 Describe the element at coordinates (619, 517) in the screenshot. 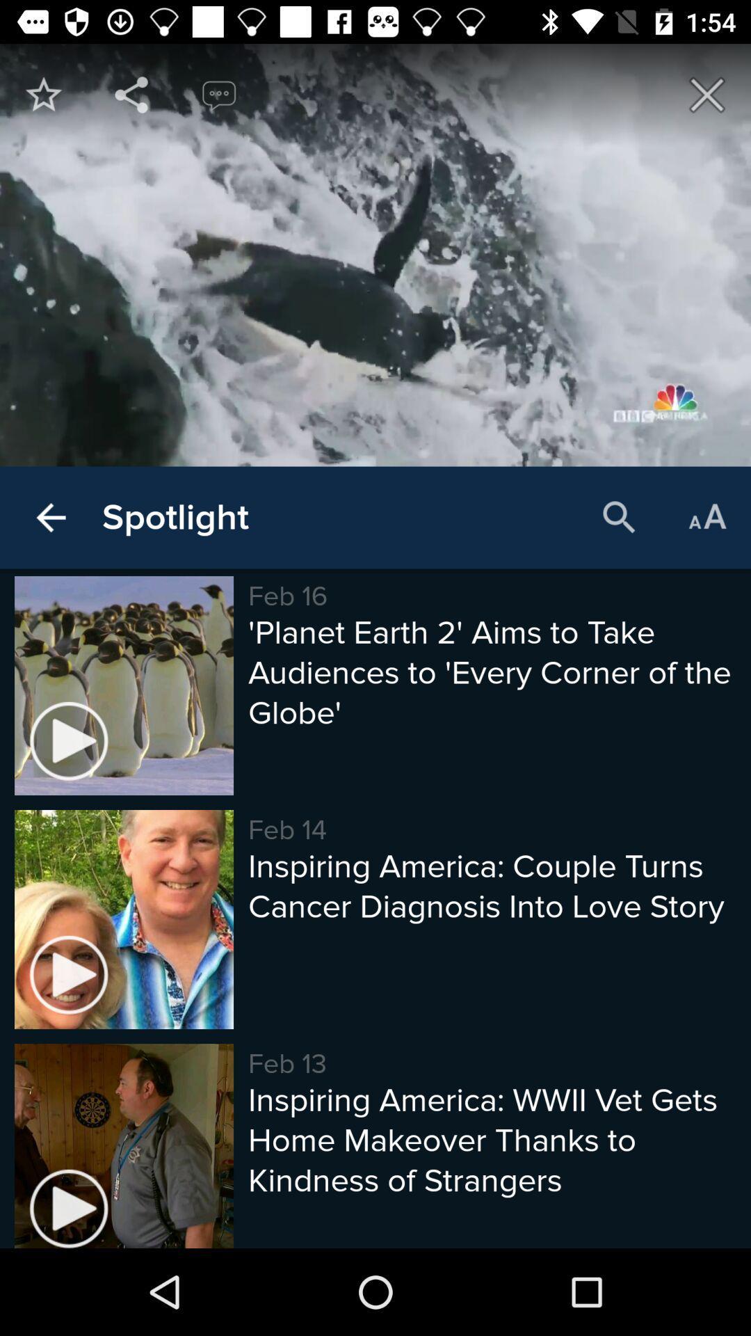

I see `item to the right of spotlight` at that location.